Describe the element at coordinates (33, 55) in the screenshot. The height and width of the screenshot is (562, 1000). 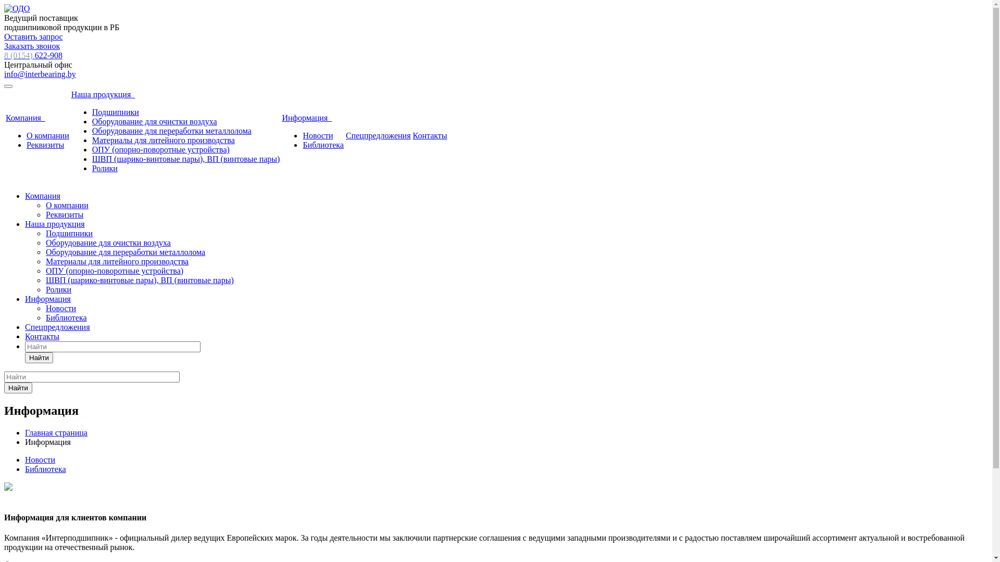
I see `'8 (0154) 622-908'` at that location.